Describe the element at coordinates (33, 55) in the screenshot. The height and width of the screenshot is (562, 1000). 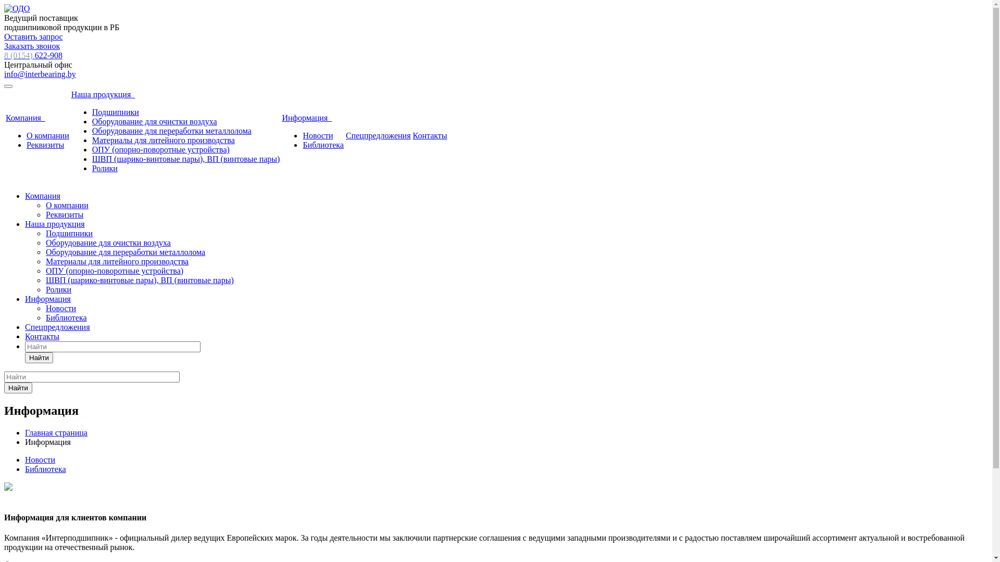
I see `'8 (0154) 622-908'` at that location.